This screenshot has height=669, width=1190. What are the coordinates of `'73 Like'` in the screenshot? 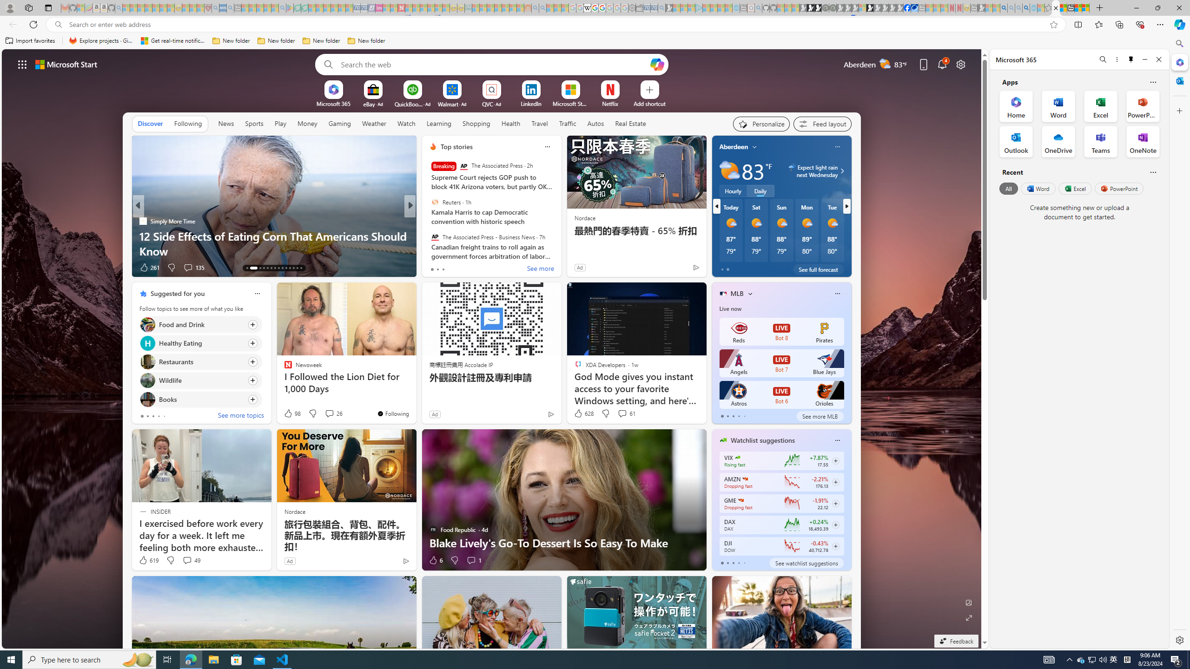 It's located at (434, 267).